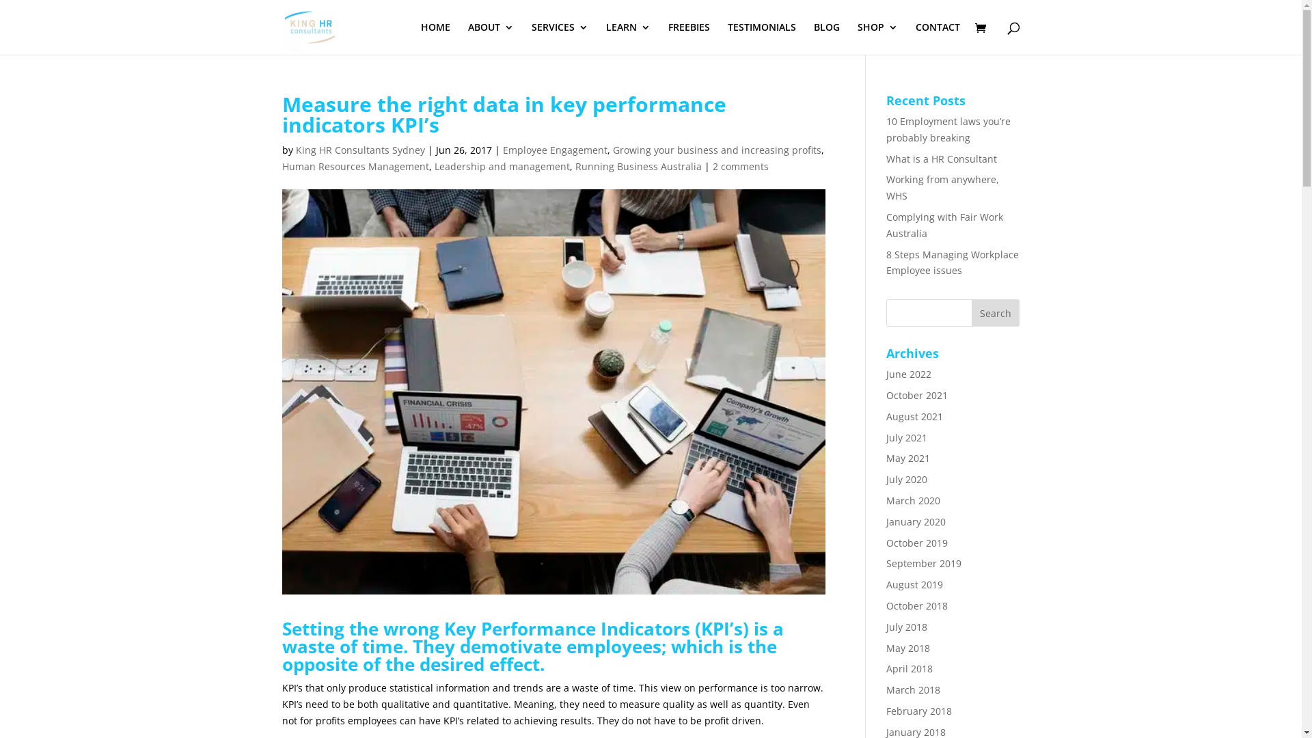 The image size is (1312, 738). I want to click on 'March 2020', so click(913, 500).